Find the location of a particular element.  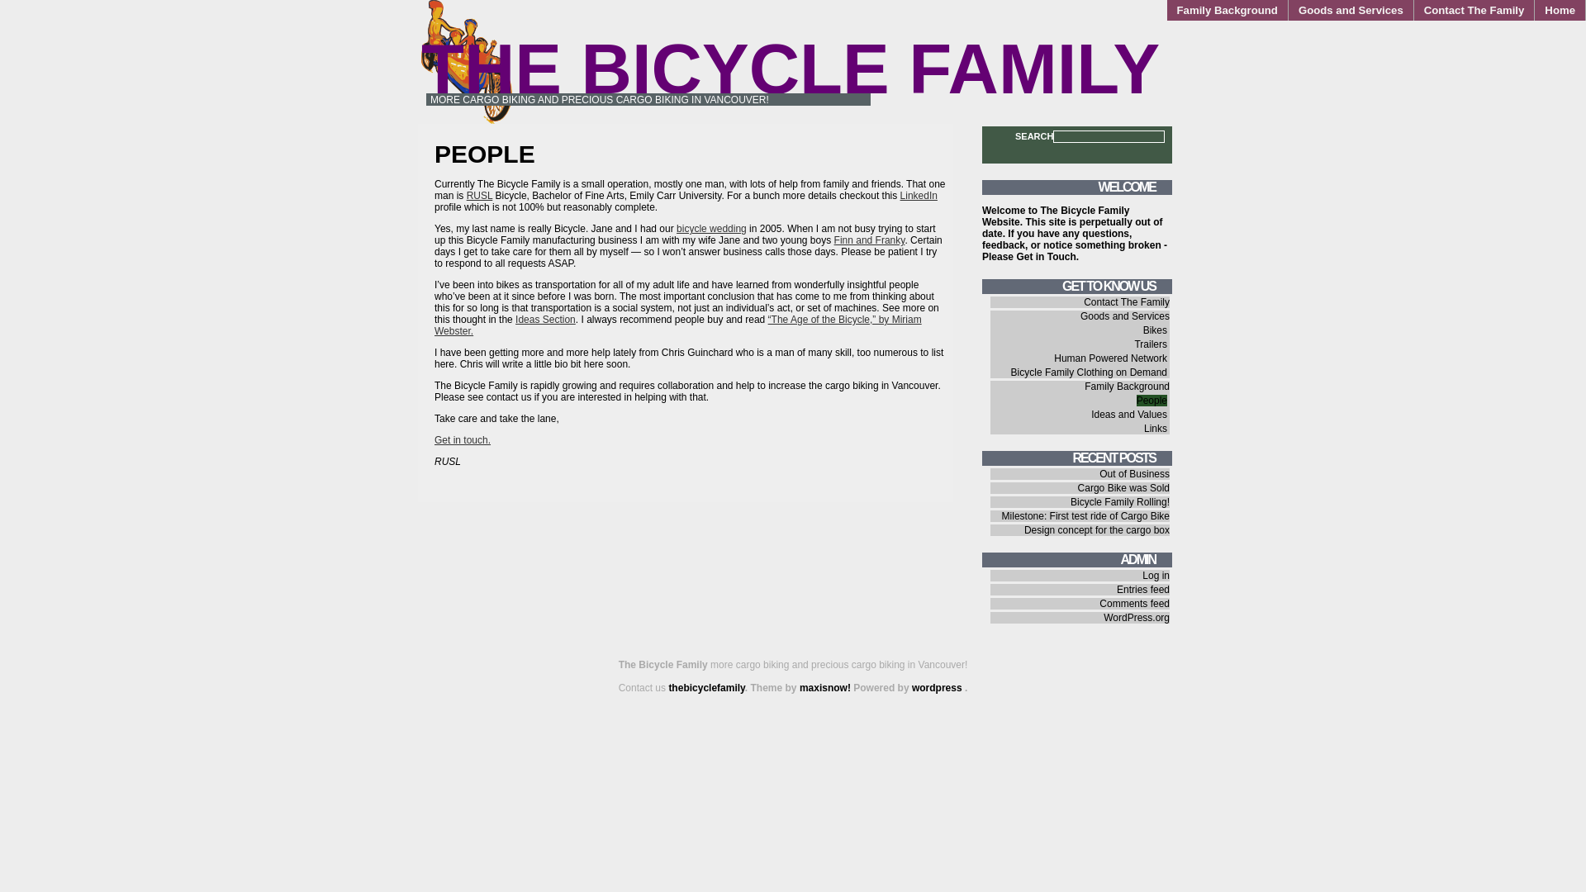

'Entries feed' is located at coordinates (1142, 588).